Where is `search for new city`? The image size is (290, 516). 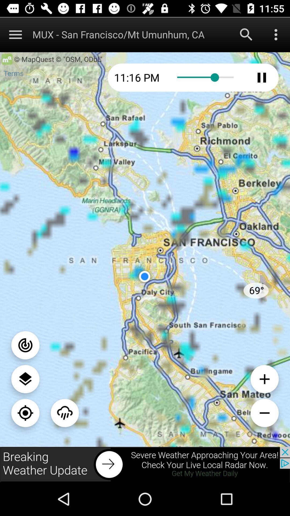 search for new city is located at coordinates (246, 34).